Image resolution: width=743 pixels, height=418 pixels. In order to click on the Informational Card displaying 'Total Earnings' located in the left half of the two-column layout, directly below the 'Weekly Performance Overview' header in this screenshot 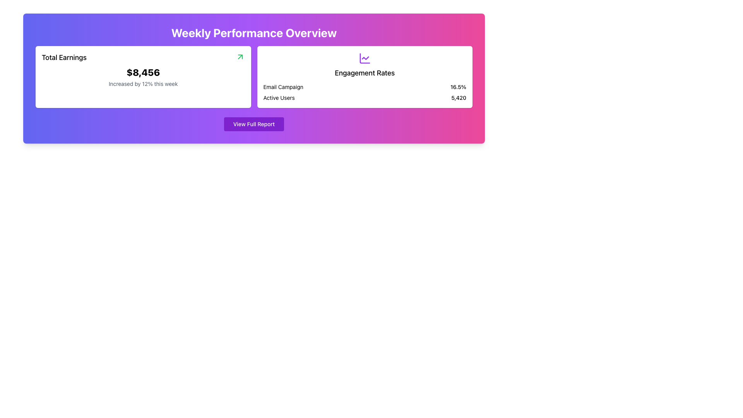, I will do `click(143, 77)`.